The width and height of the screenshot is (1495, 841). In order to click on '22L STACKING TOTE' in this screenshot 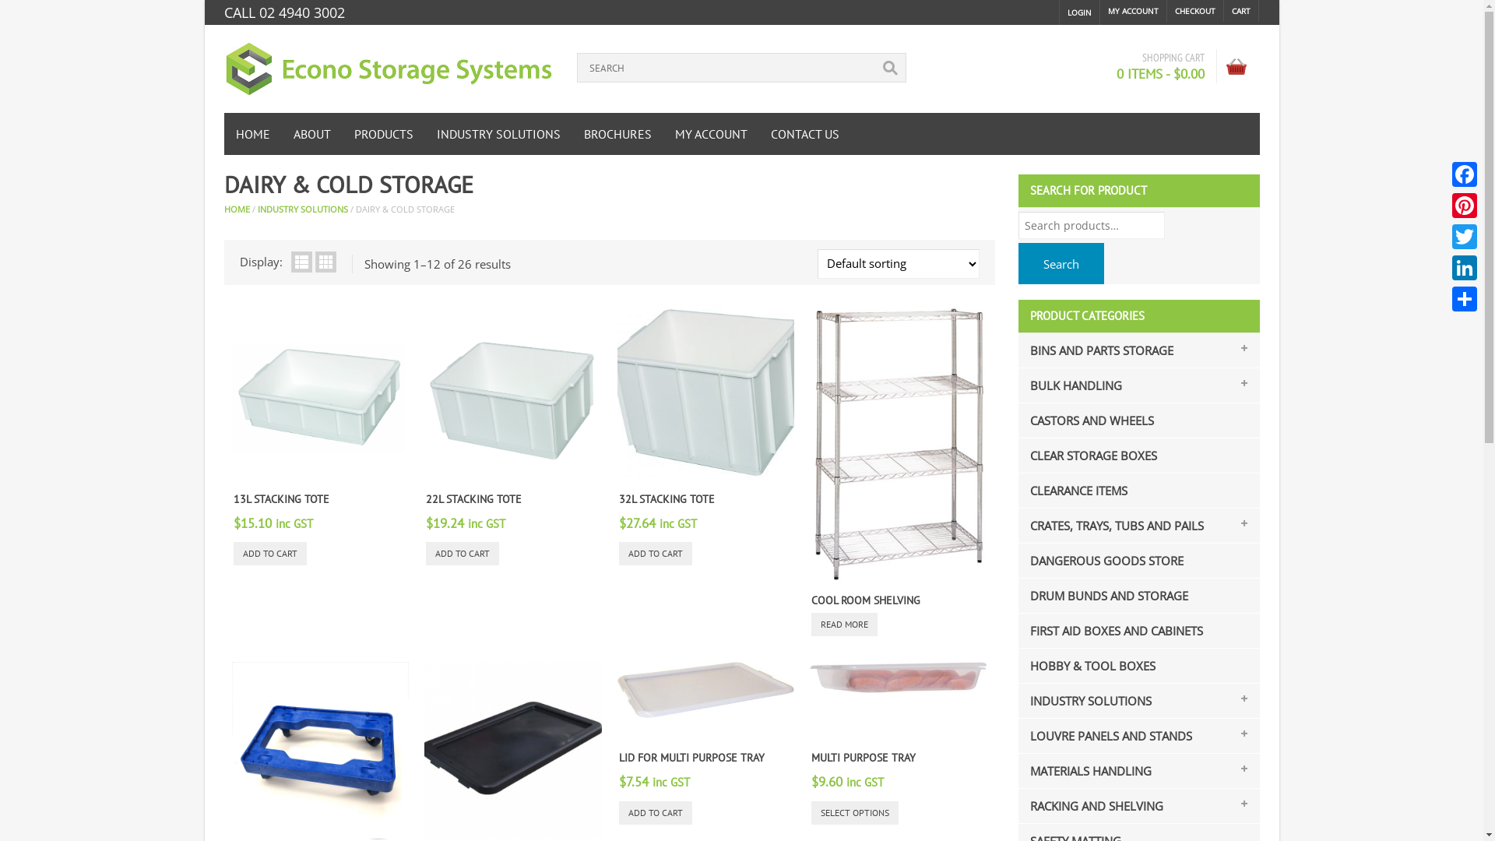, I will do `click(473, 498)`.